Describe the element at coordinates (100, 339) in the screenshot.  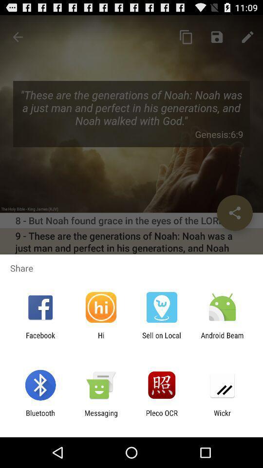
I see `app to the right of facebook icon` at that location.